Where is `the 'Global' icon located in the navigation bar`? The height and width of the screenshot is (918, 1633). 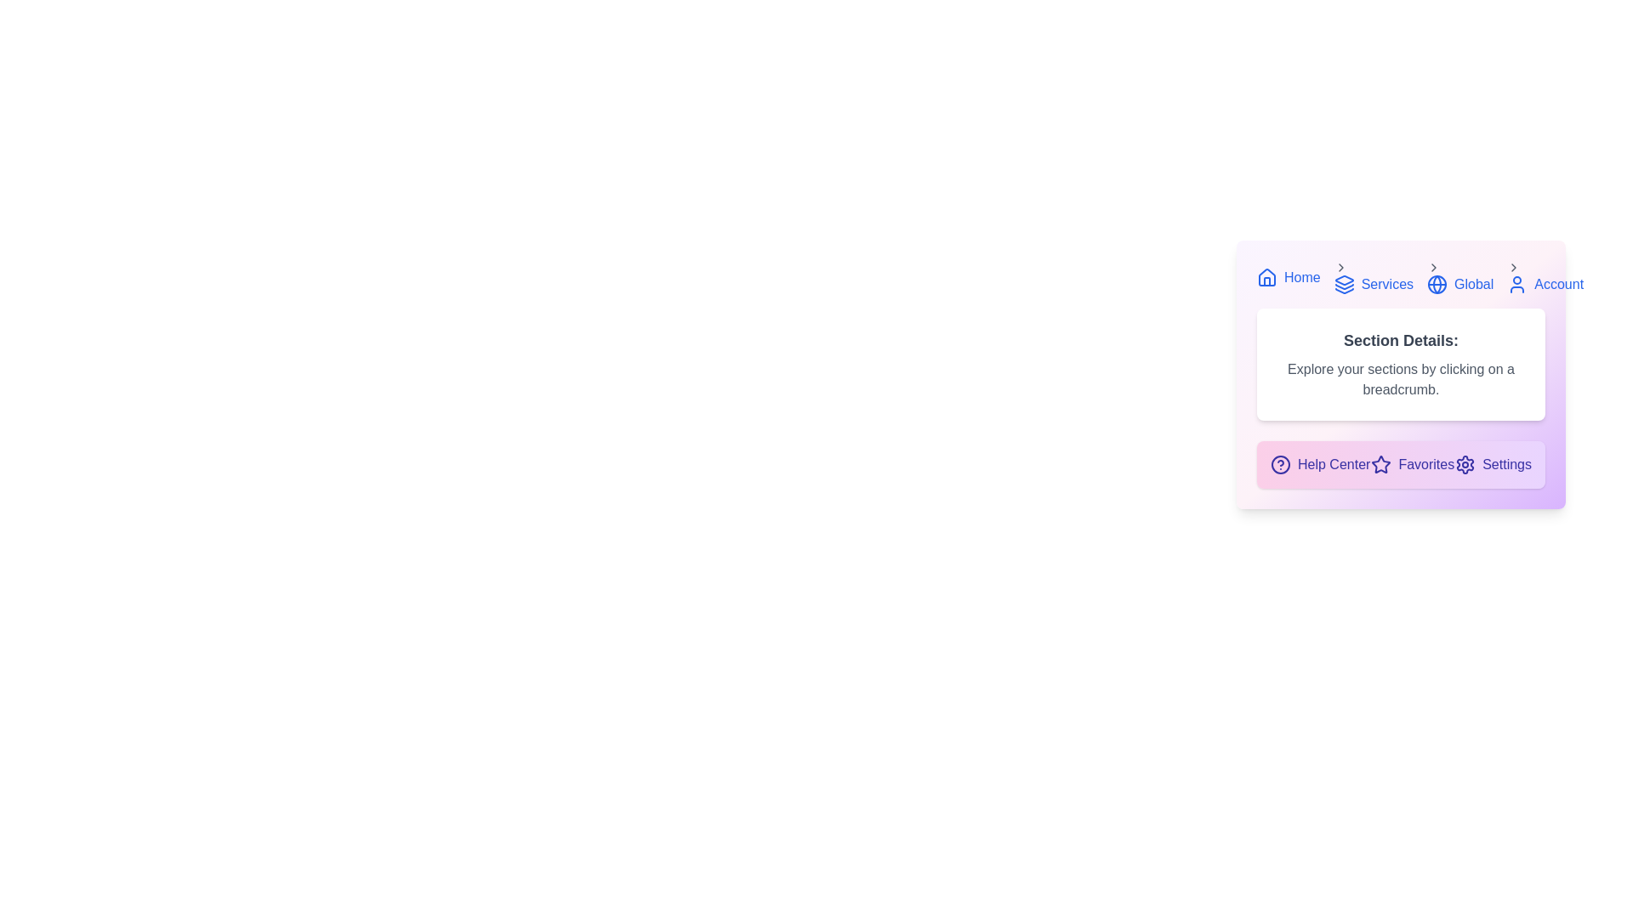 the 'Global' icon located in the navigation bar is located at coordinates (1436, 284).